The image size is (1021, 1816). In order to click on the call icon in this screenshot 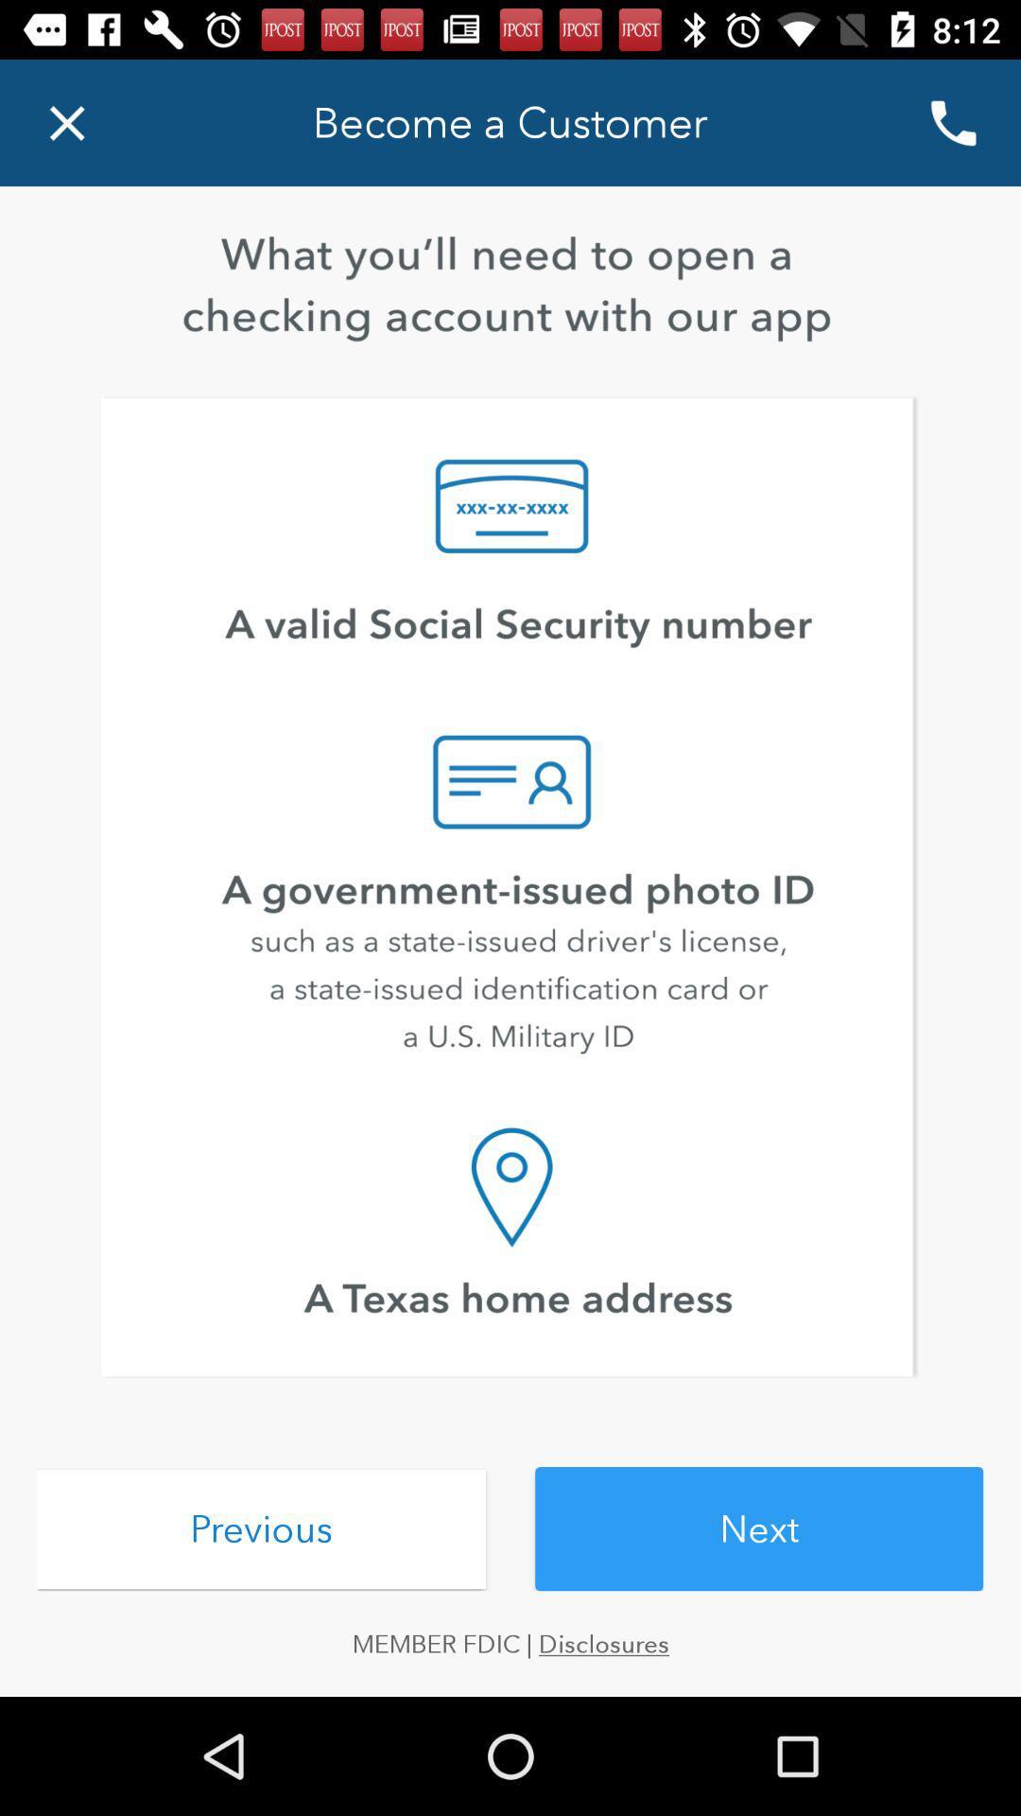, I will do `click(953, 122)`.